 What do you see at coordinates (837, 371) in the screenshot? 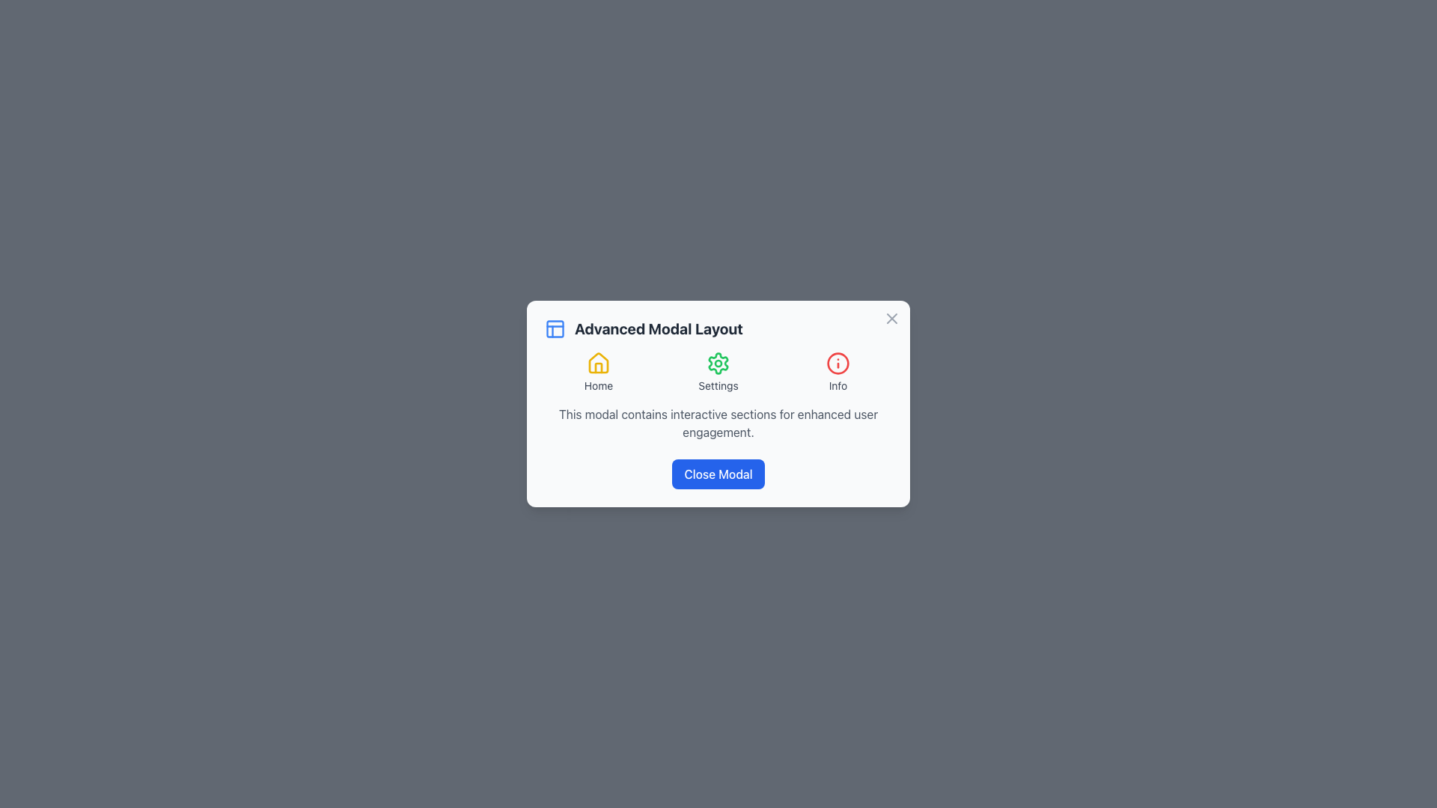
I see `the 'Info' Icon with Text Label, which is the third item in a row of three labeled 'Home', 'Settings', and 'Info', located centrally within the modal` at bounding box center [837, 371].